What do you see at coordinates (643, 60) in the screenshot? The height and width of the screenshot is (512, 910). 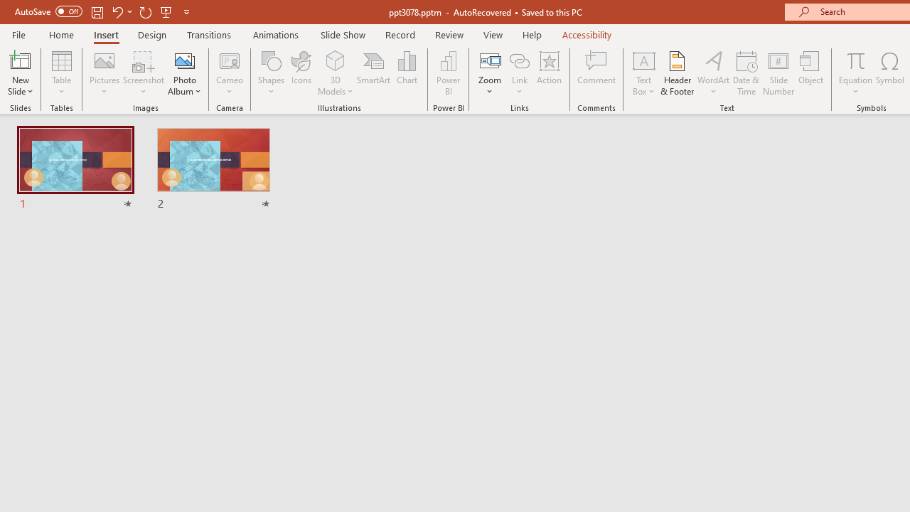 I see `'Draw Horizontal Text Box'` at bounding box center [643, 60].